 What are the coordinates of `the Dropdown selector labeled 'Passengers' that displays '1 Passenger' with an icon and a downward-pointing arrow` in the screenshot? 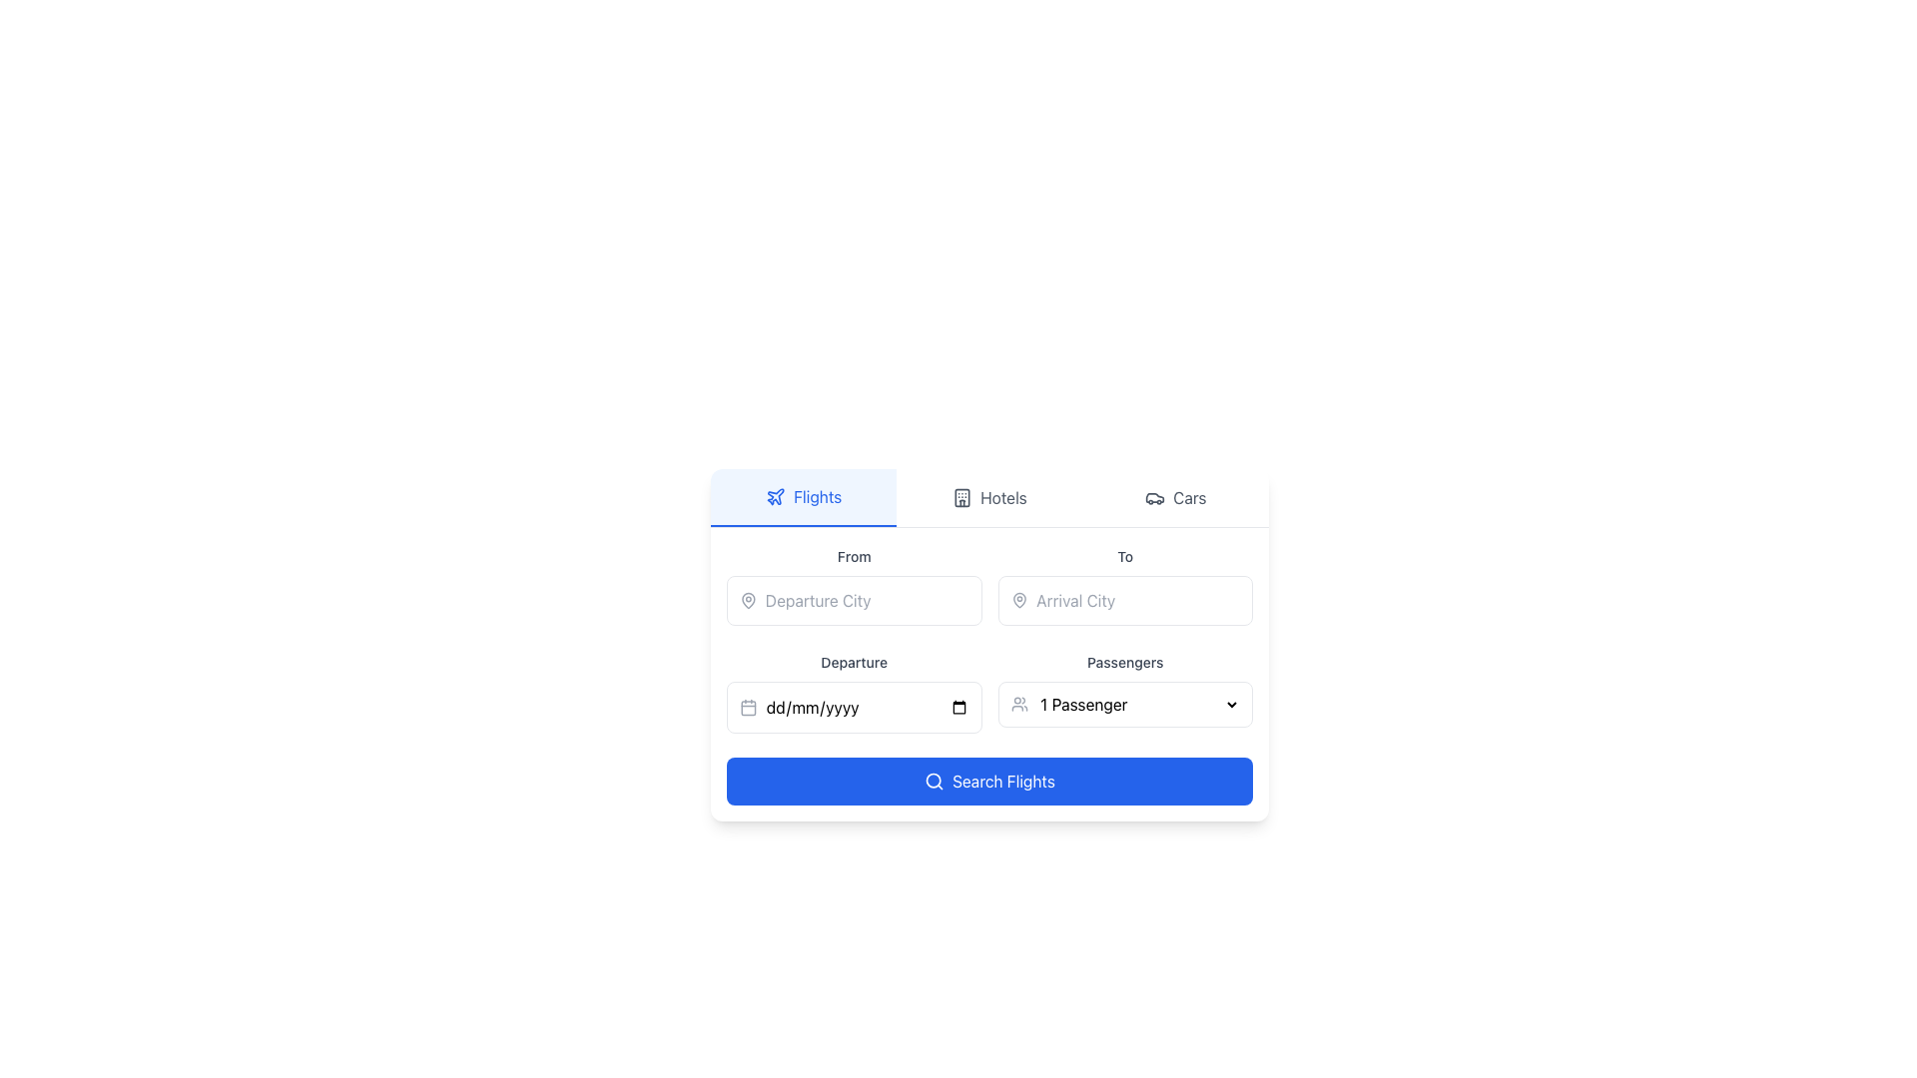 It's located at (1125, 691).